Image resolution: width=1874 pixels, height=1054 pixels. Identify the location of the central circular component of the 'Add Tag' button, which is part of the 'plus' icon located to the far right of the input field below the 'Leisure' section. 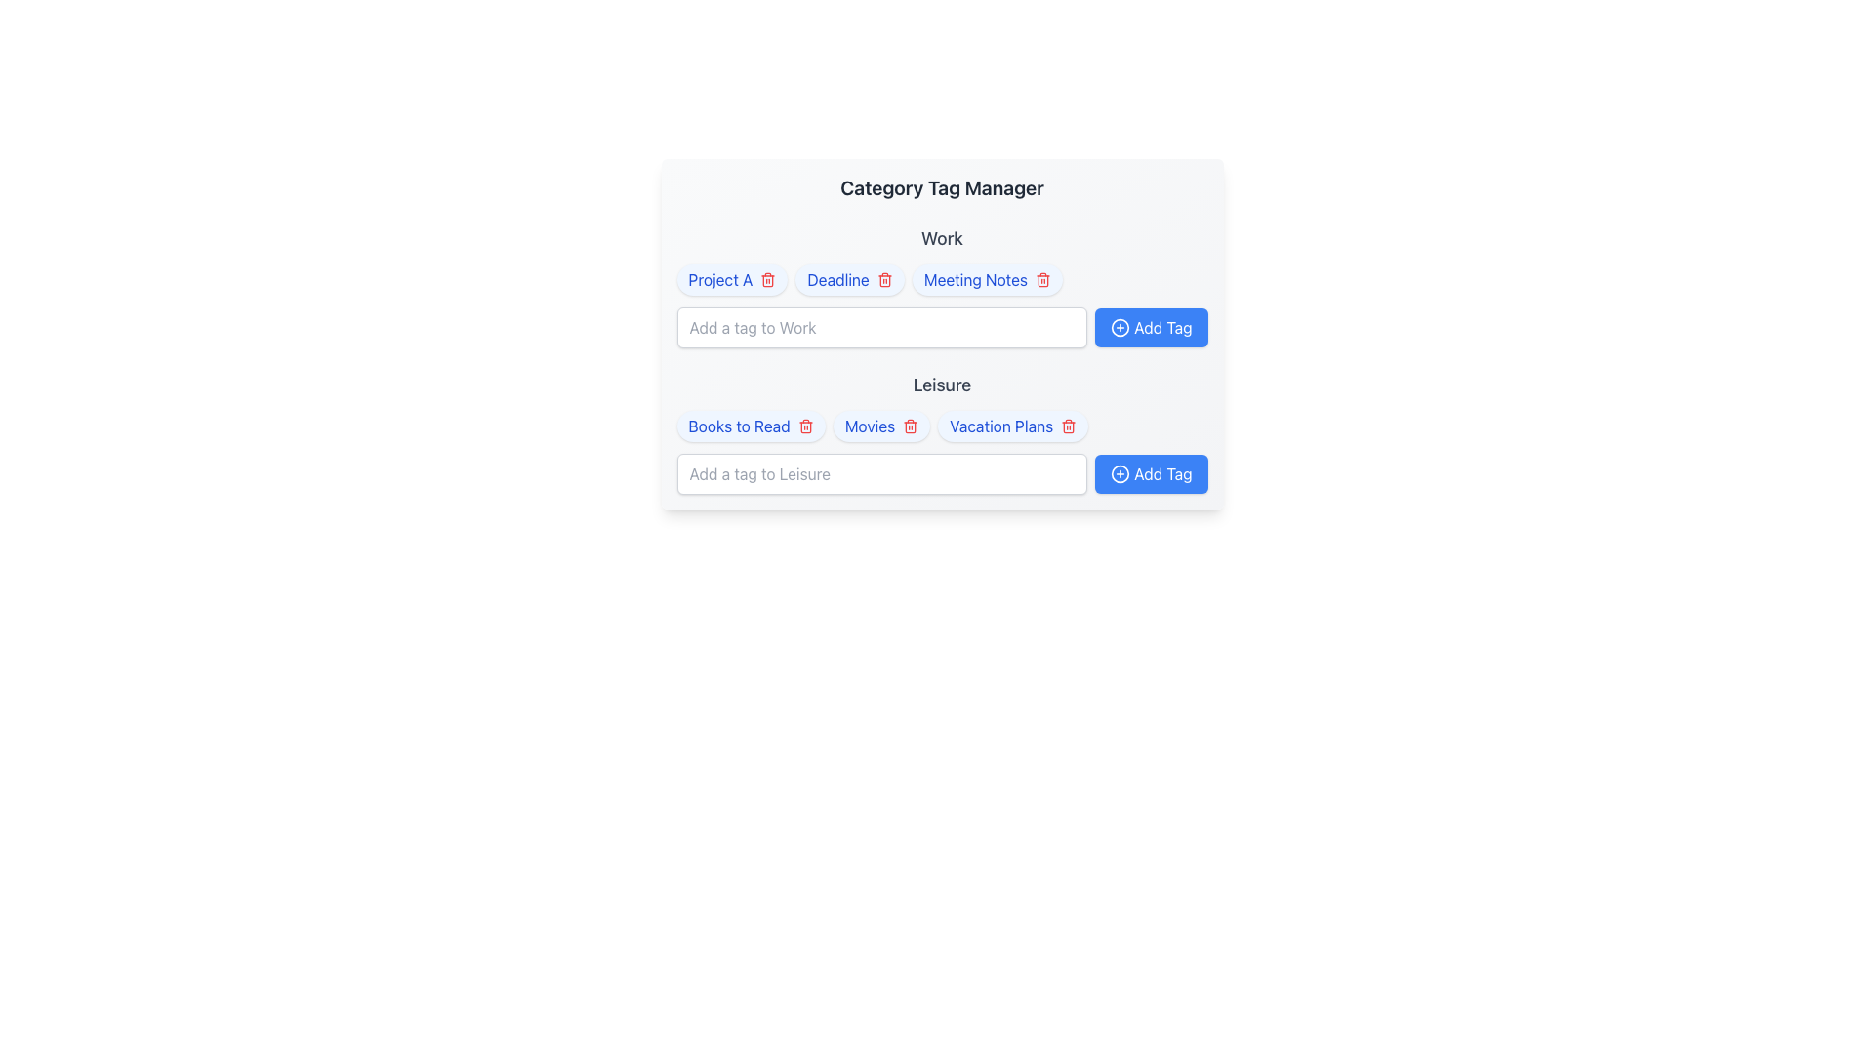
(1120, 474).